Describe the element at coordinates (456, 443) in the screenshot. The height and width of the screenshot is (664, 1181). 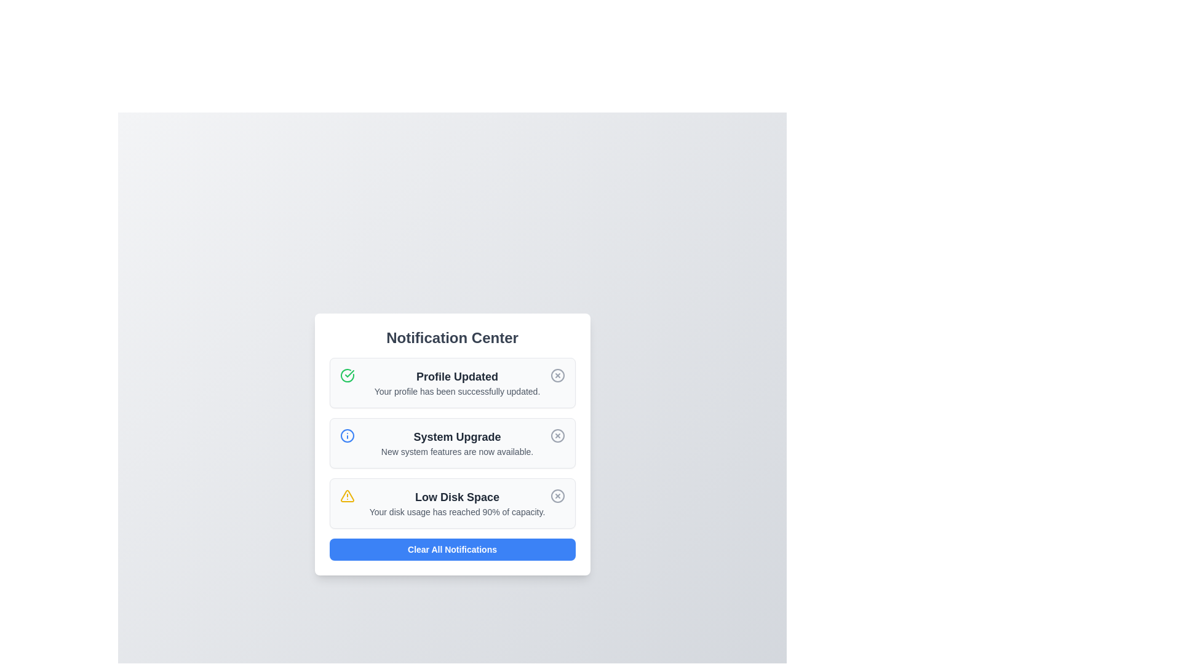
I see `the Notification card section that informs the user about new system features, positioned as the second item in the Notification Center` at that location.